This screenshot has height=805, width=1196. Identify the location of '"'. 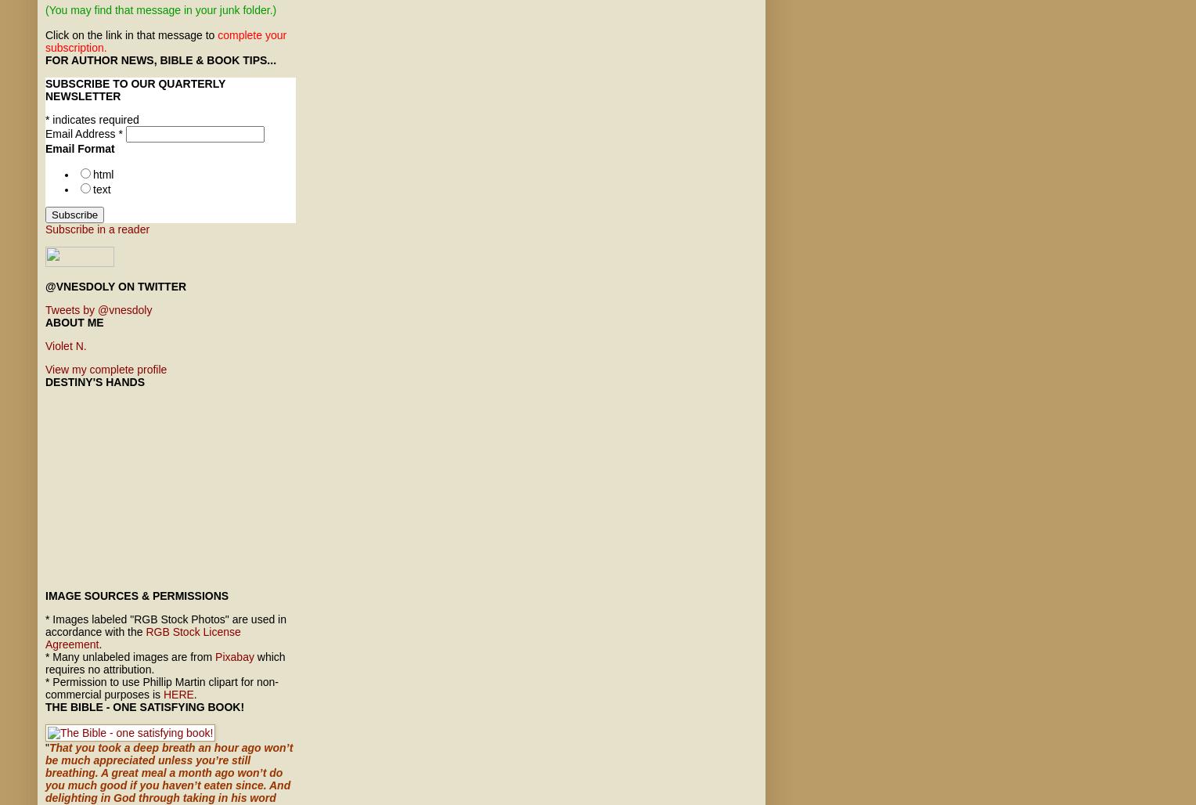
(47, 748).